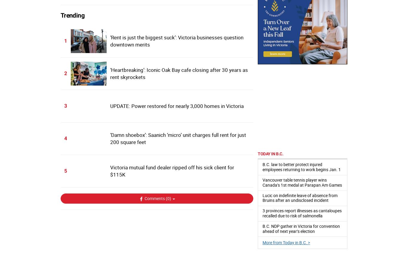 The width and height of the screenshot is (408, 257). What do you see at coordinates (302, 182) in the screenshot?
I see `'Vancouver table tennis player wins Canada’s 1st medal at Parapan Am Games'` at bounding box center [302, 182].